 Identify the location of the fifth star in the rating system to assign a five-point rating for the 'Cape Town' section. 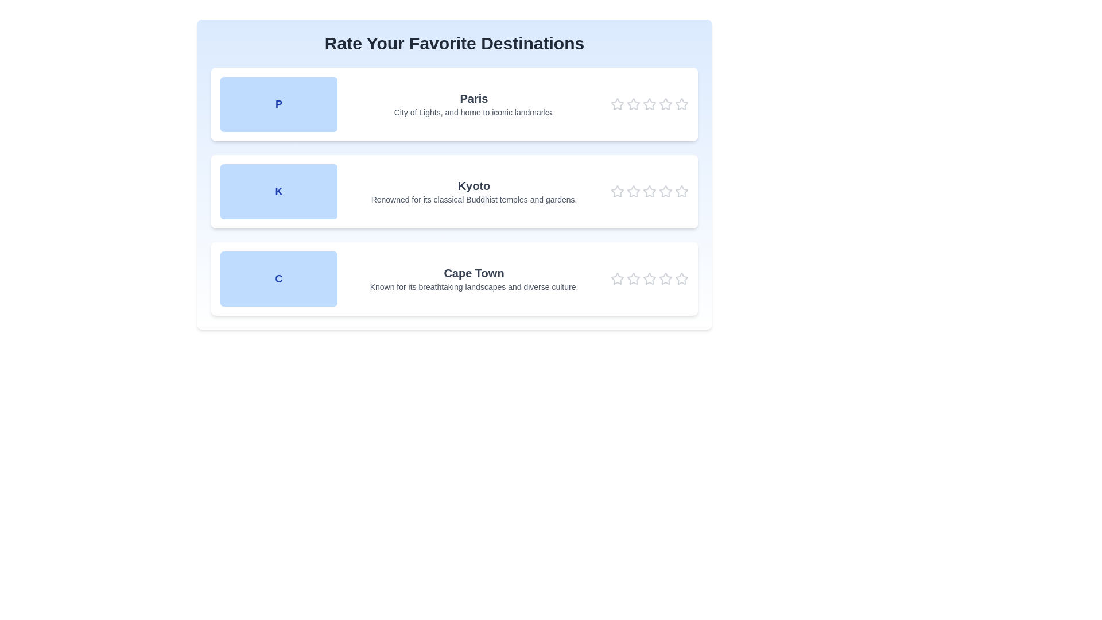
(665, 278).